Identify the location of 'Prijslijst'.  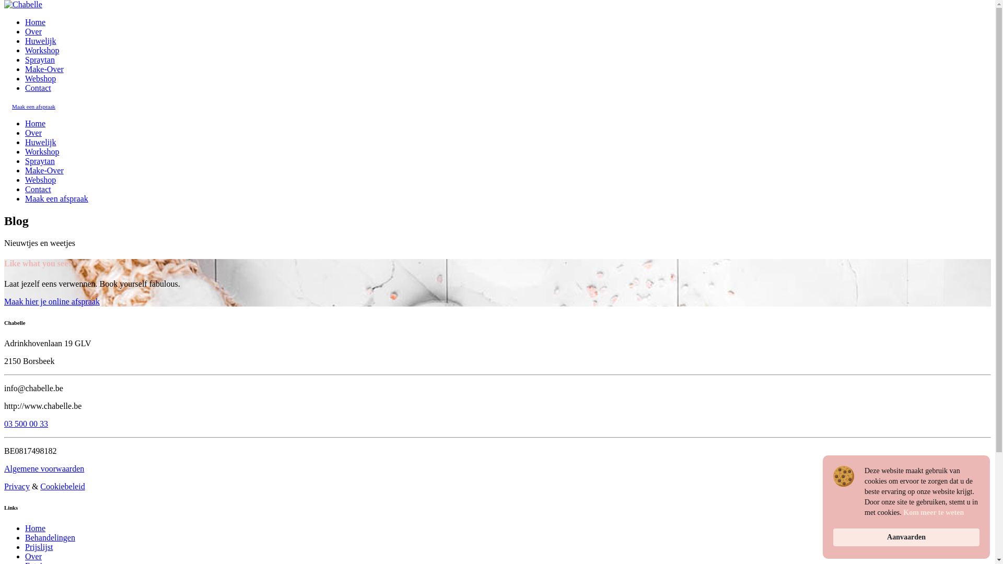
(39, 546).